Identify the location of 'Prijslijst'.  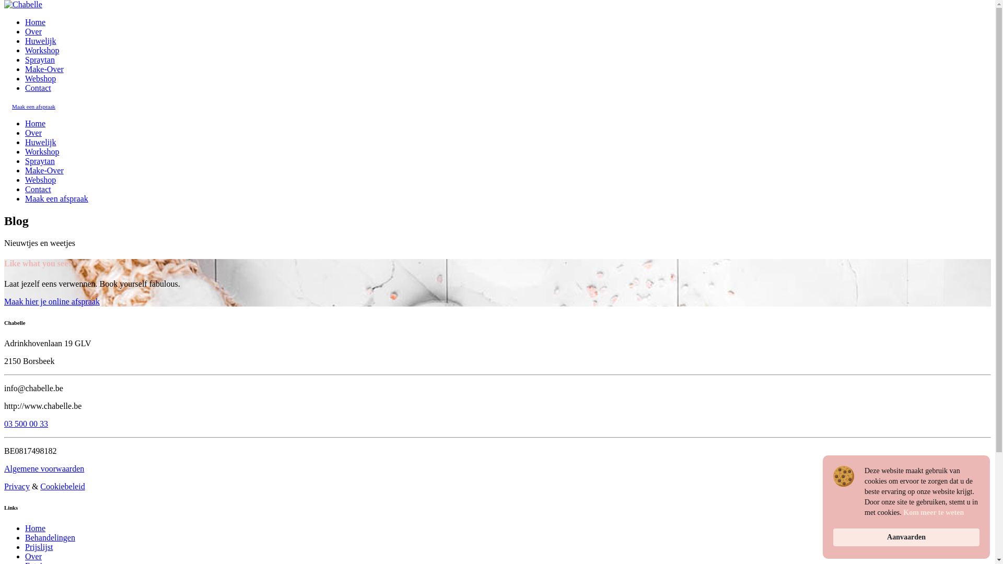
(39, 546).